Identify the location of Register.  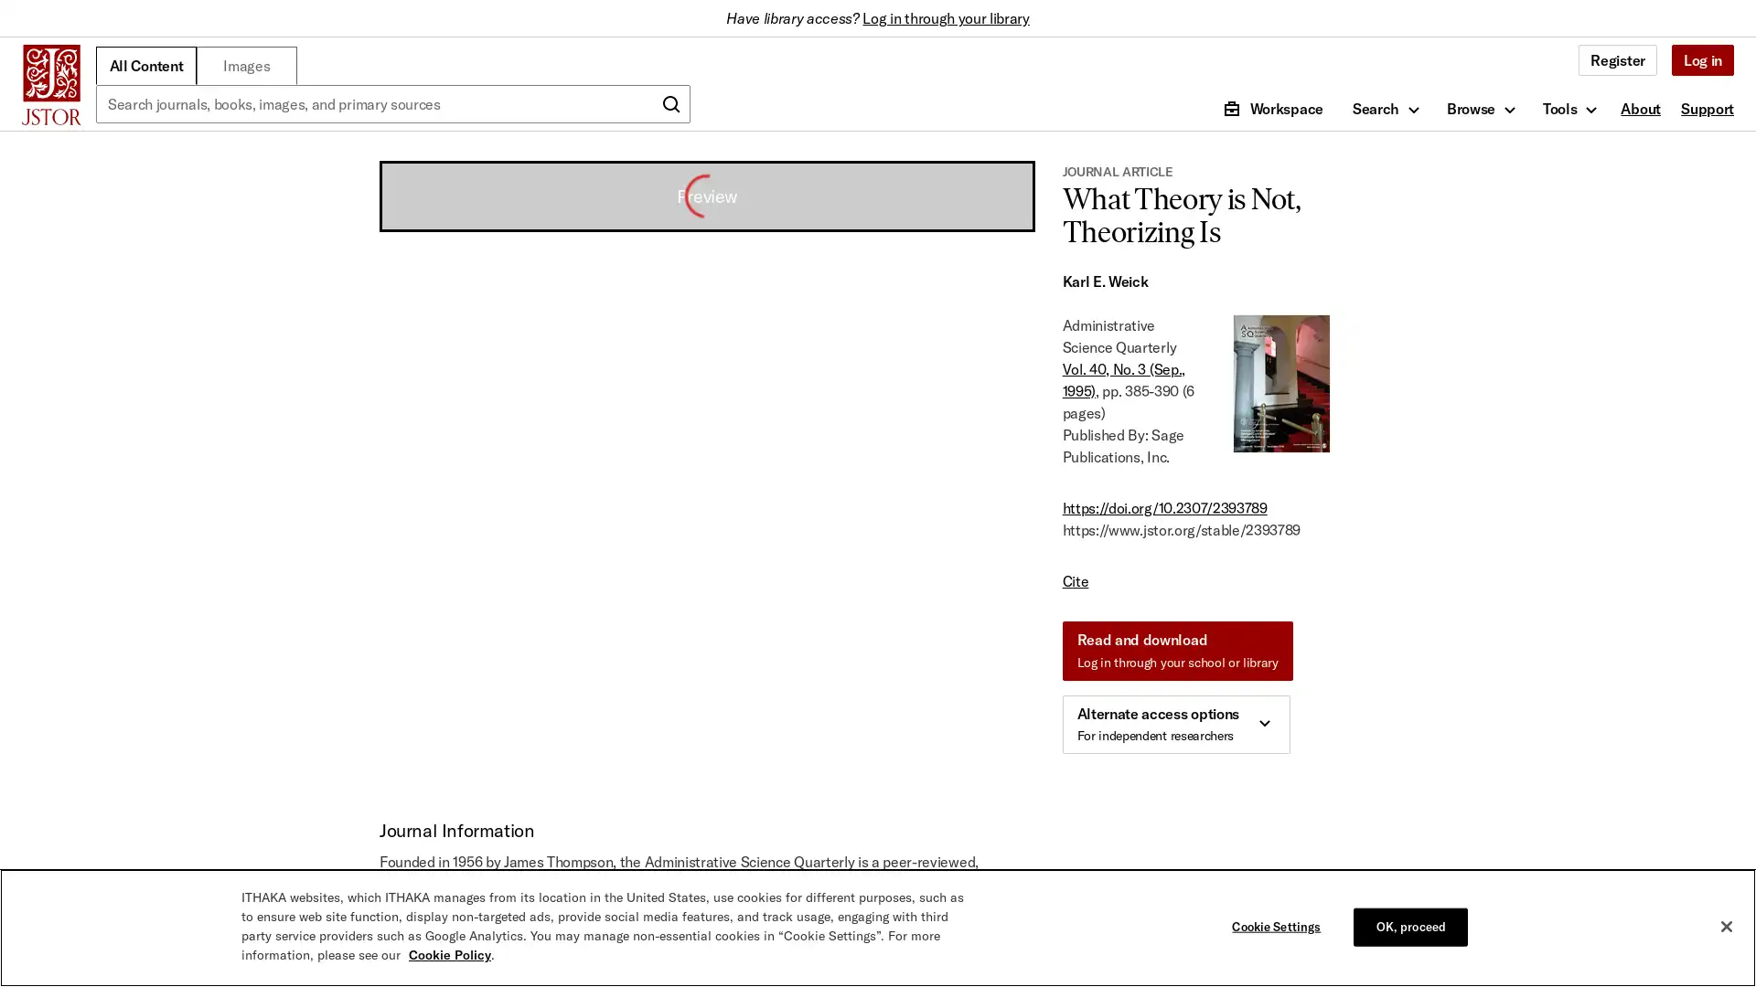
(1617, 58).